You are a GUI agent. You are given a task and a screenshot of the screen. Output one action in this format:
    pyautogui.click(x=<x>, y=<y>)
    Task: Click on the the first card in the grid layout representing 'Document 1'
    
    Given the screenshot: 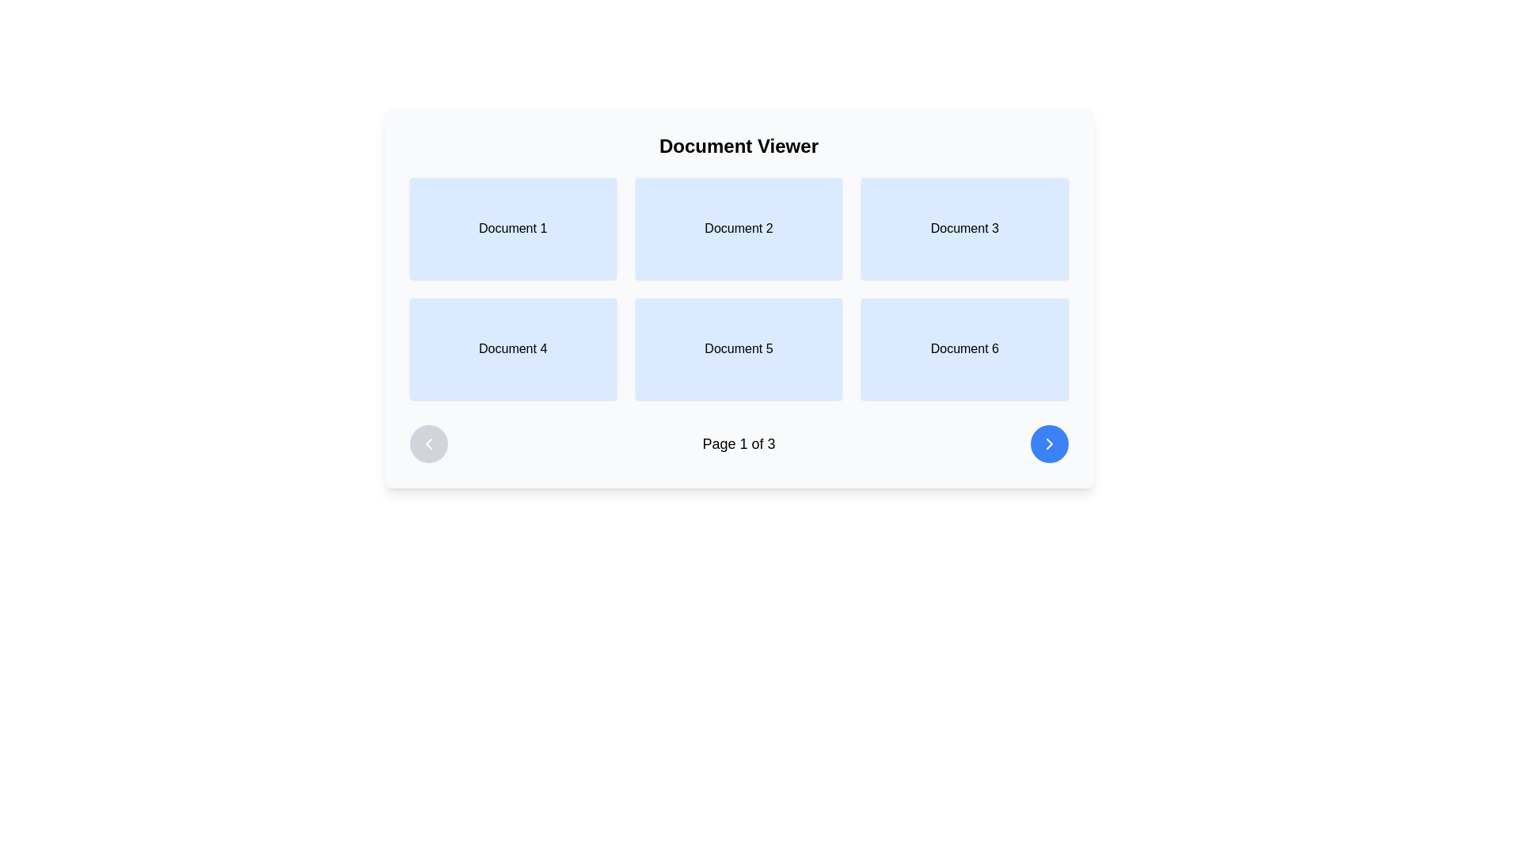 What is the action you would take?
    pyautogui.click(x=513, y=229)
    